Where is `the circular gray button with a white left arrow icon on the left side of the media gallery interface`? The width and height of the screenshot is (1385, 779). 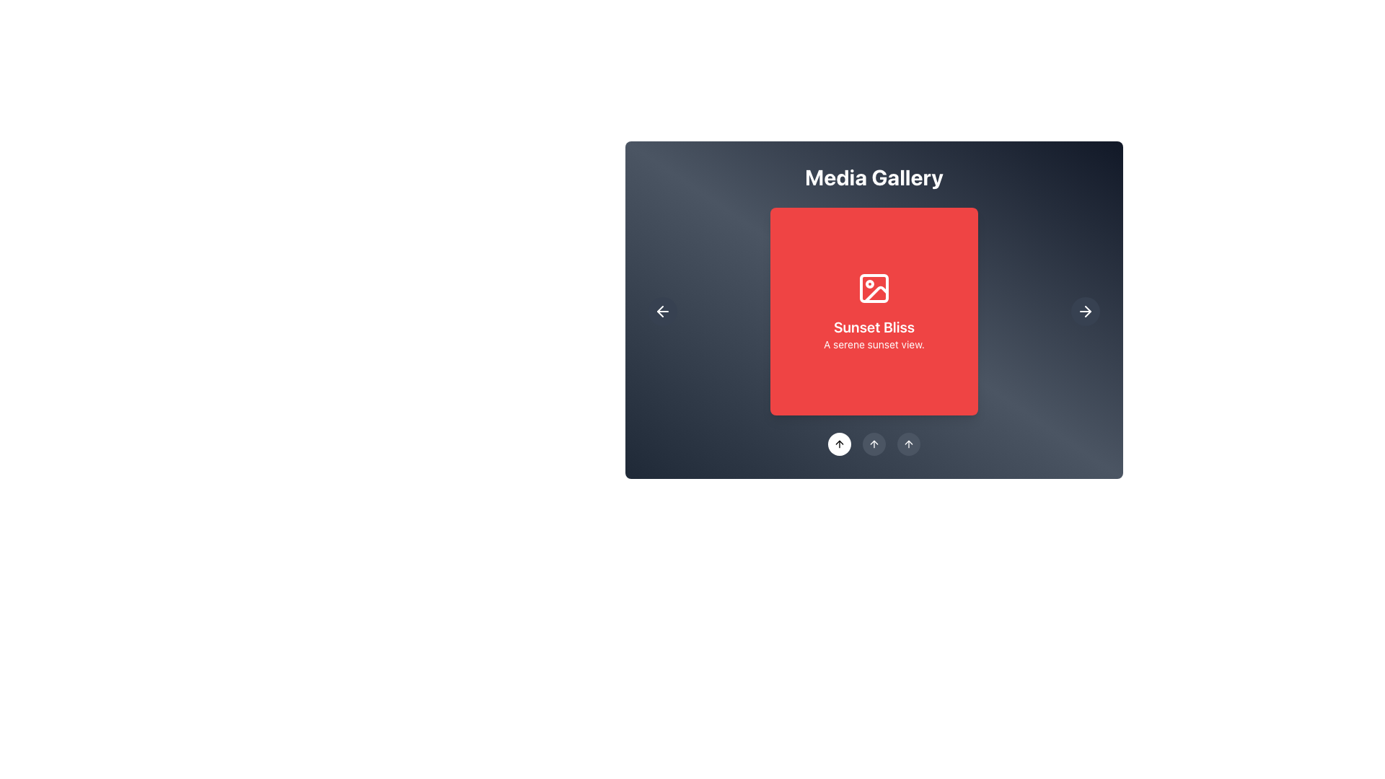
the circular gray button with a white left arrow icon on the left side of the media gallery interface is located at coordinates (661, 311).